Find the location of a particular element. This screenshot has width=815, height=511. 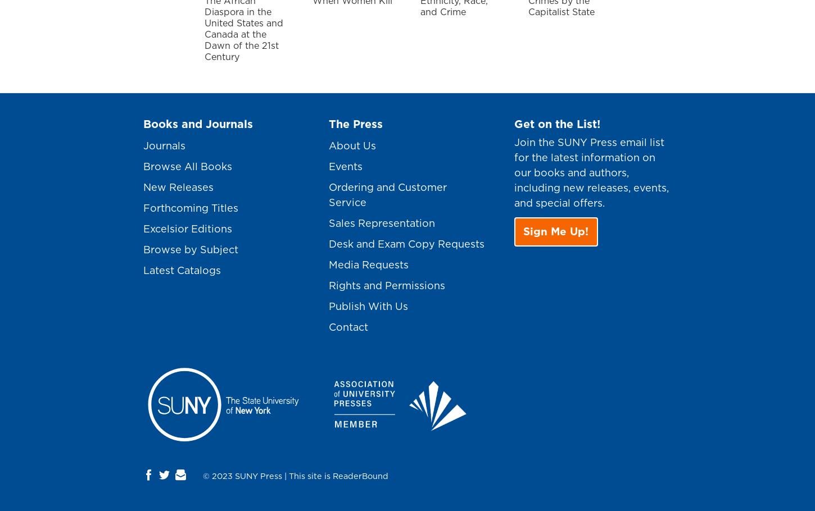

'Rights and Permissions' is located at coordinates (386, 285).